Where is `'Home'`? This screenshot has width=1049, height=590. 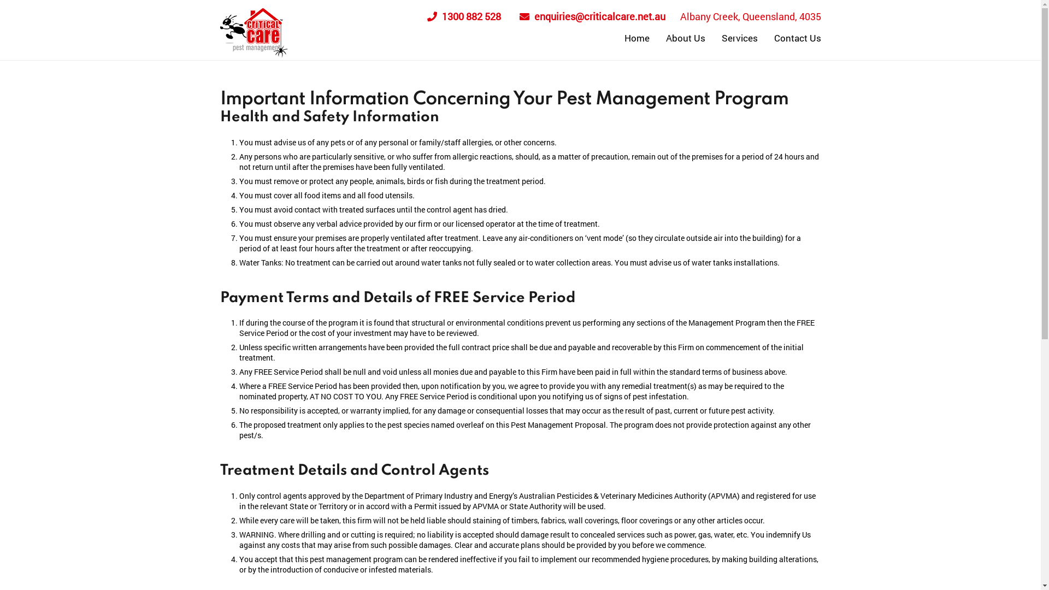 'Home' is located at coordinates (616, 37).